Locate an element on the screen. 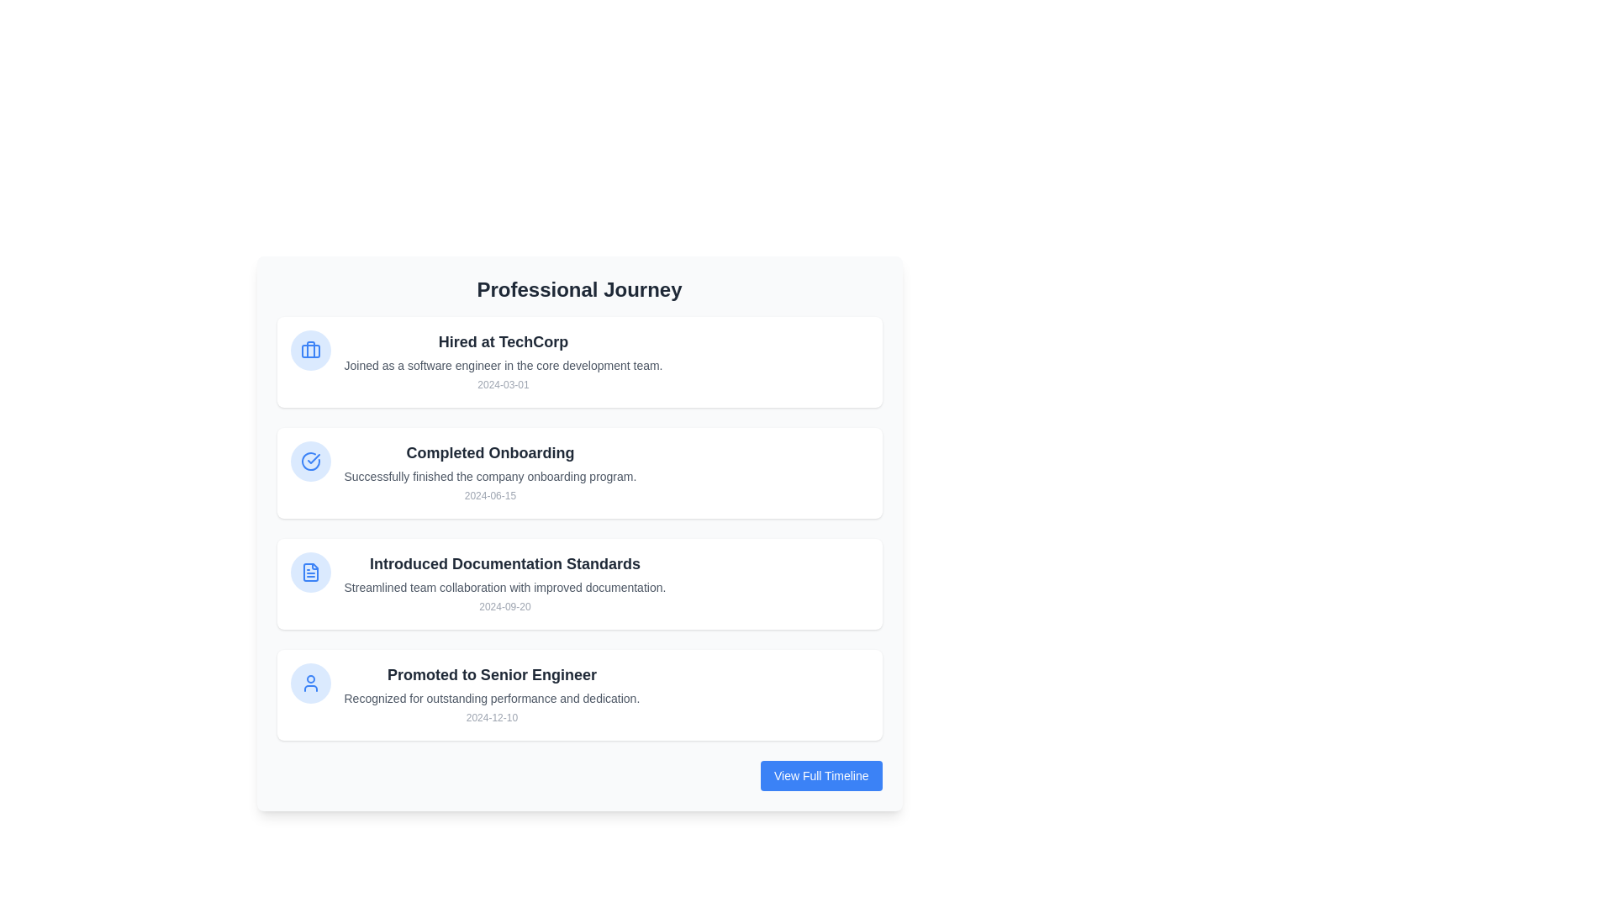  static text element that serves as a date indicator, located below the description text 'Streamlined team collaboration with improved documentation.' in the 'Introduced Documentation Standards' section is located at coordinates (504, 606).